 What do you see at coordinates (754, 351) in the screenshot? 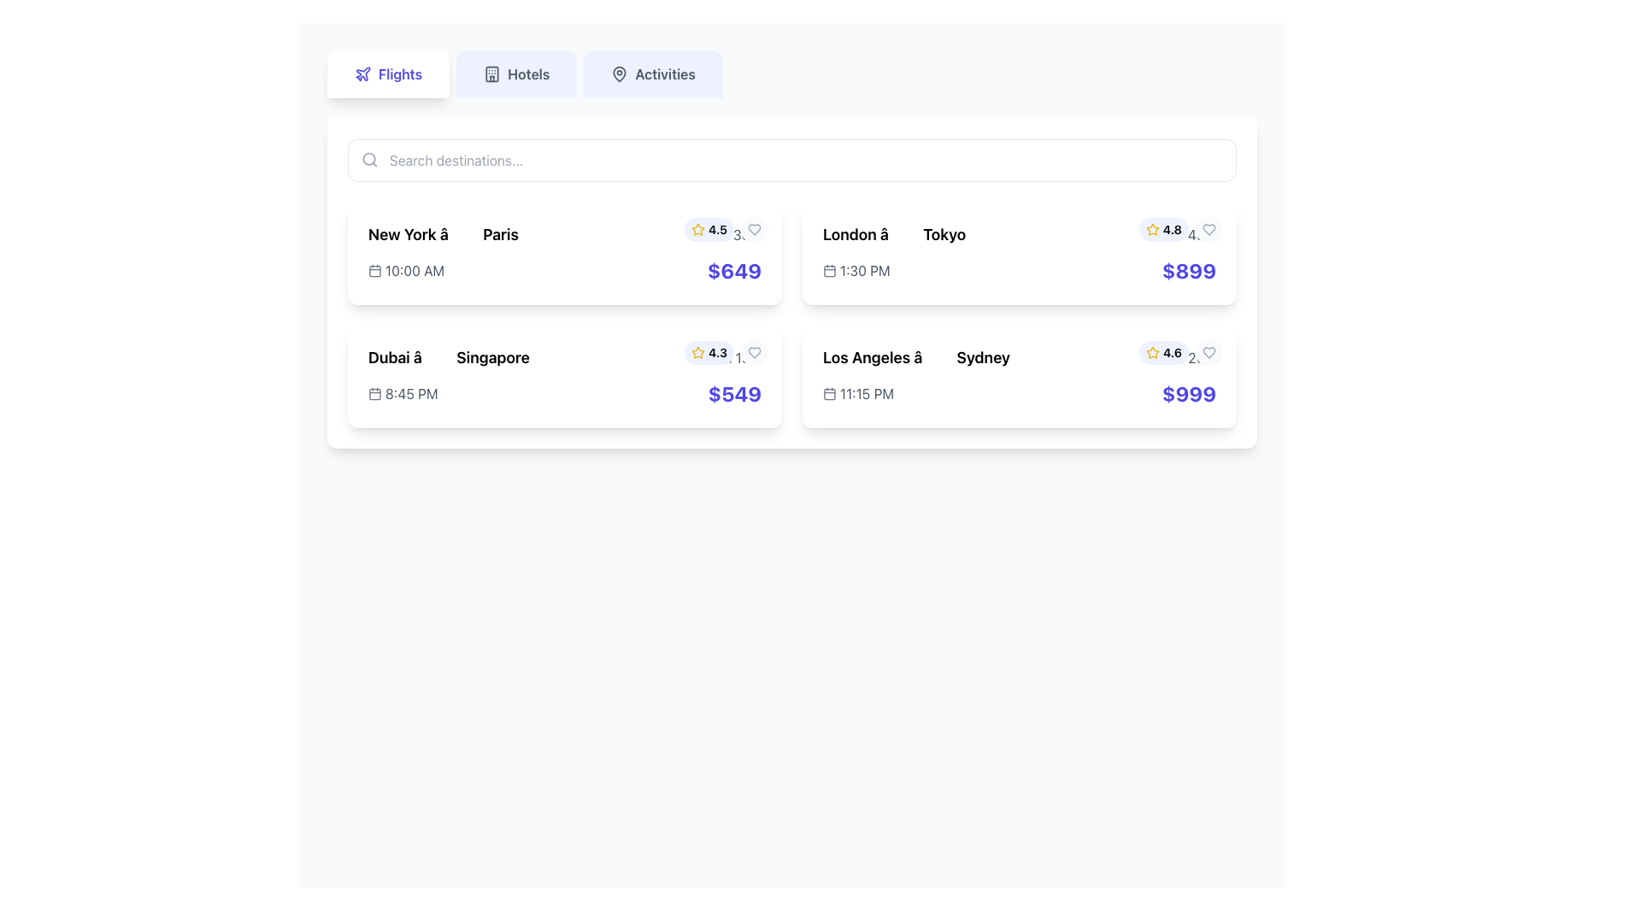
I see `the circular button with a heart icon located in the top-right corner of the information card` at bounding box center [754, 351].